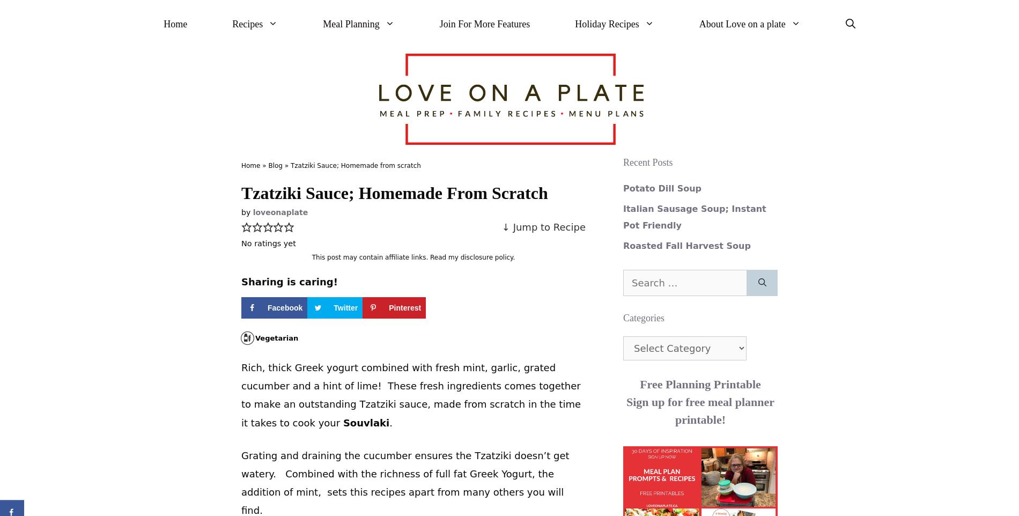 This screenshot has width=1019, height=516. I want to click on 'by', so click(246, 211).